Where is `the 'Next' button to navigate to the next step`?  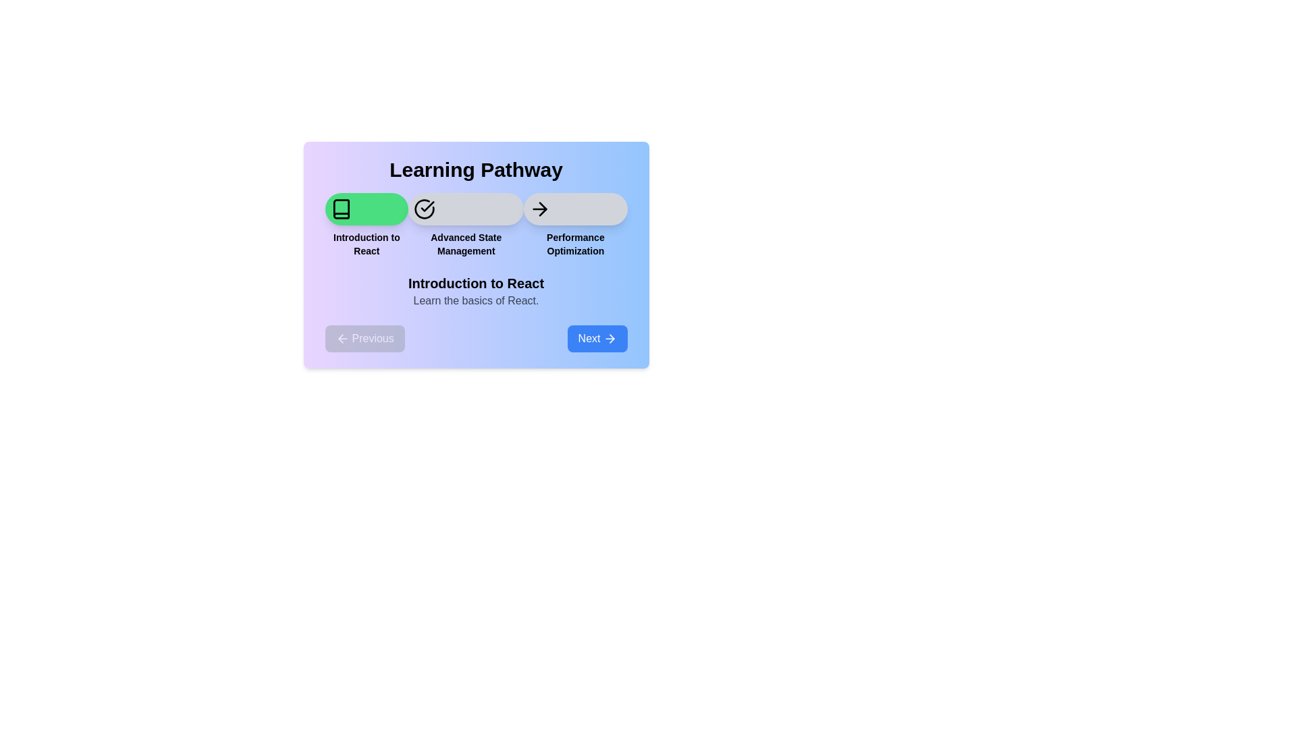 the 'Next' button to navigate to the next step is located at coordinates (596, 337).